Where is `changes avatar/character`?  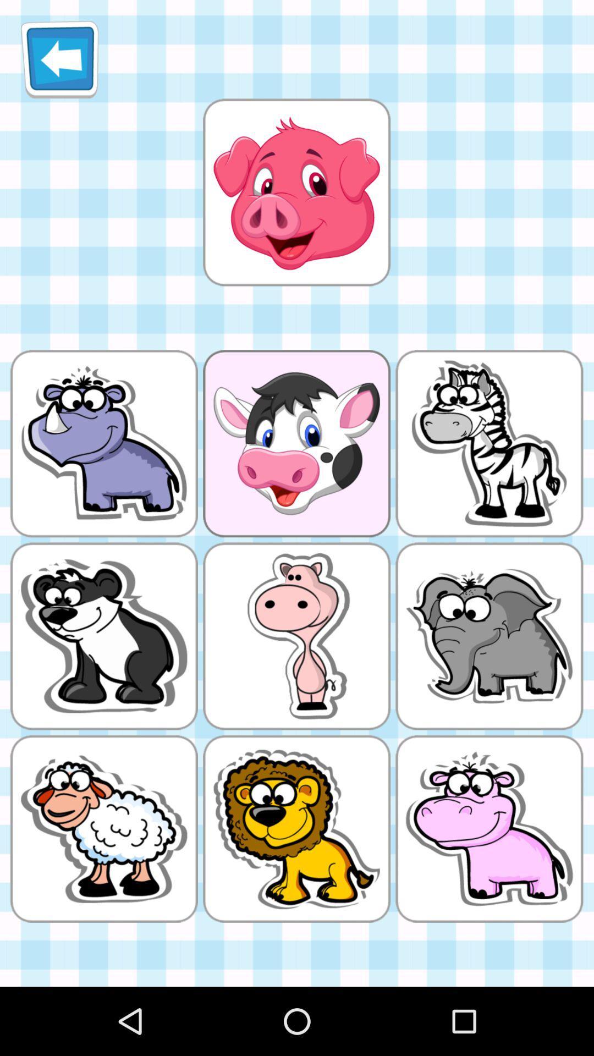 changes avatar/character is located at coordinates (296, 192).